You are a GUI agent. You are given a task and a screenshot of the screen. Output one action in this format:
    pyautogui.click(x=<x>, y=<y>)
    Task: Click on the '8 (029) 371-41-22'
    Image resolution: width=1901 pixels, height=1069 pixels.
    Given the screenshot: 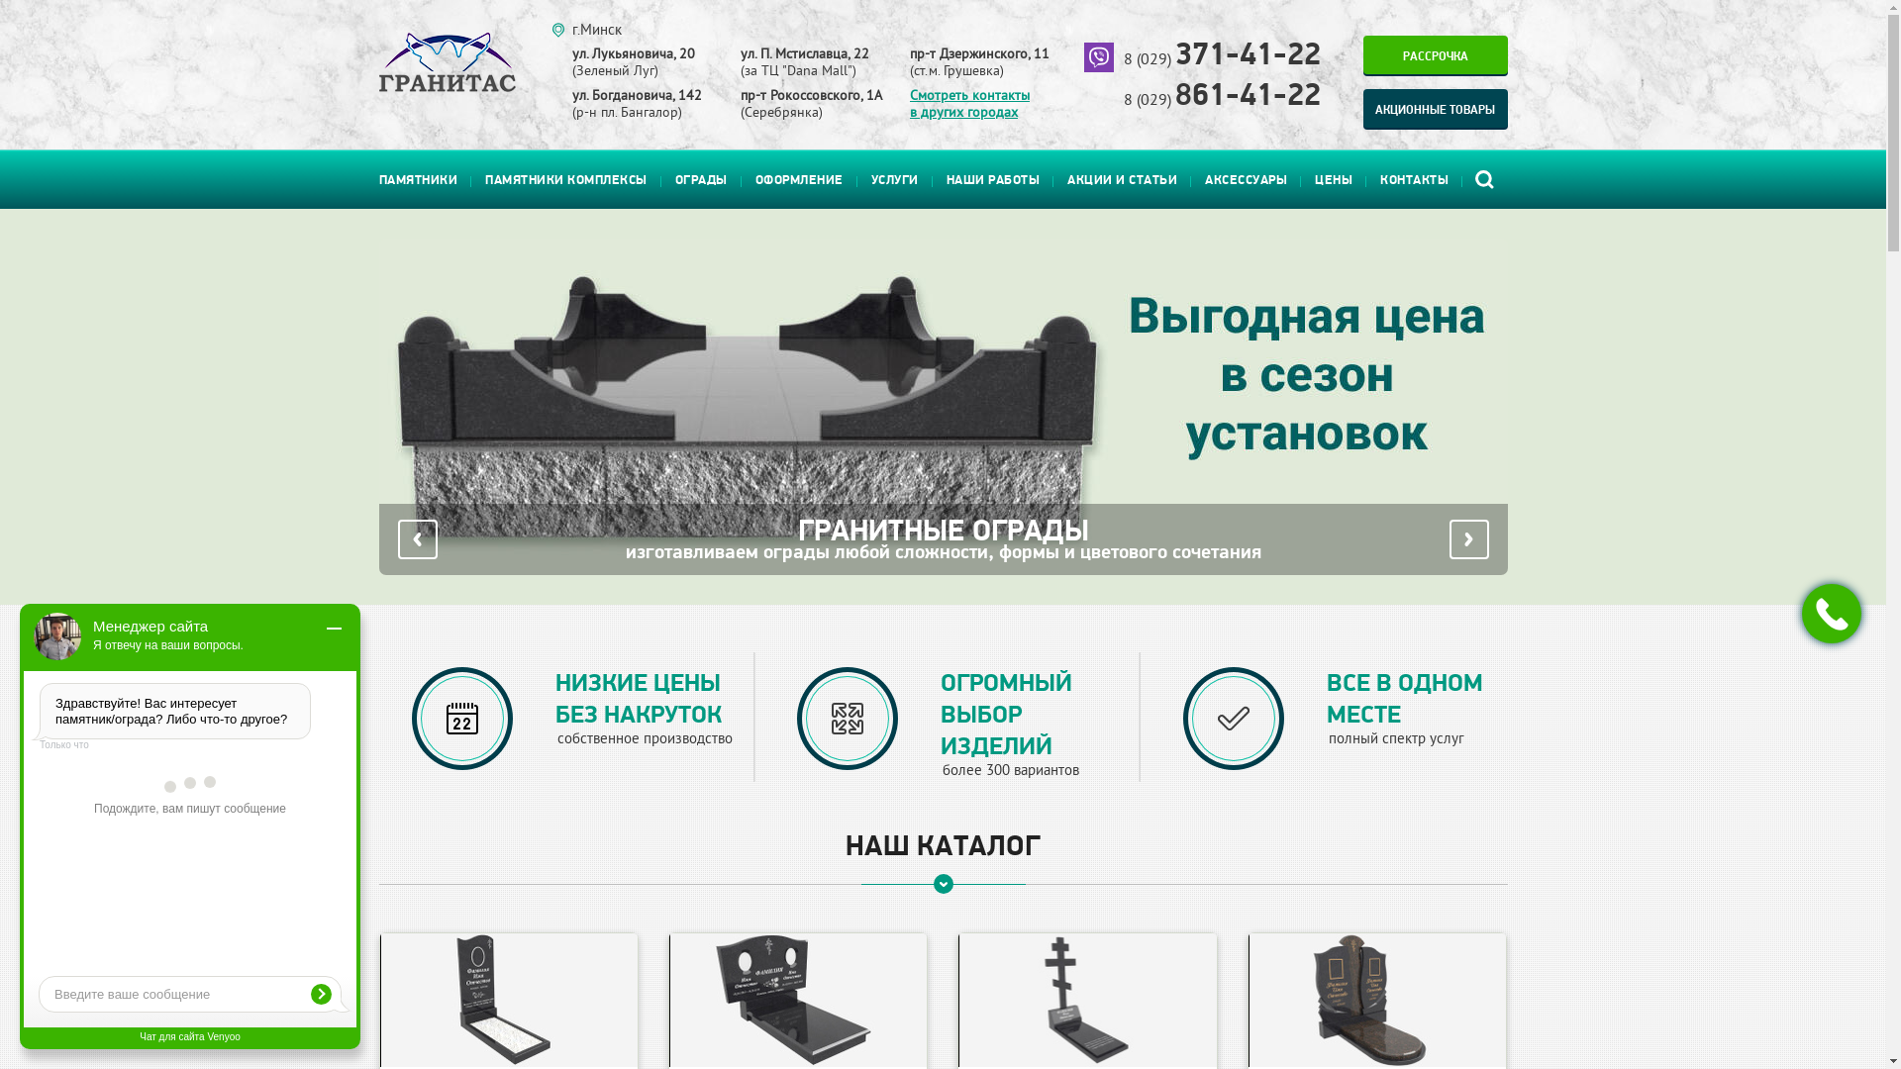 What is the action you would take?
    pyautogui.click(x=1220, y=59)
    